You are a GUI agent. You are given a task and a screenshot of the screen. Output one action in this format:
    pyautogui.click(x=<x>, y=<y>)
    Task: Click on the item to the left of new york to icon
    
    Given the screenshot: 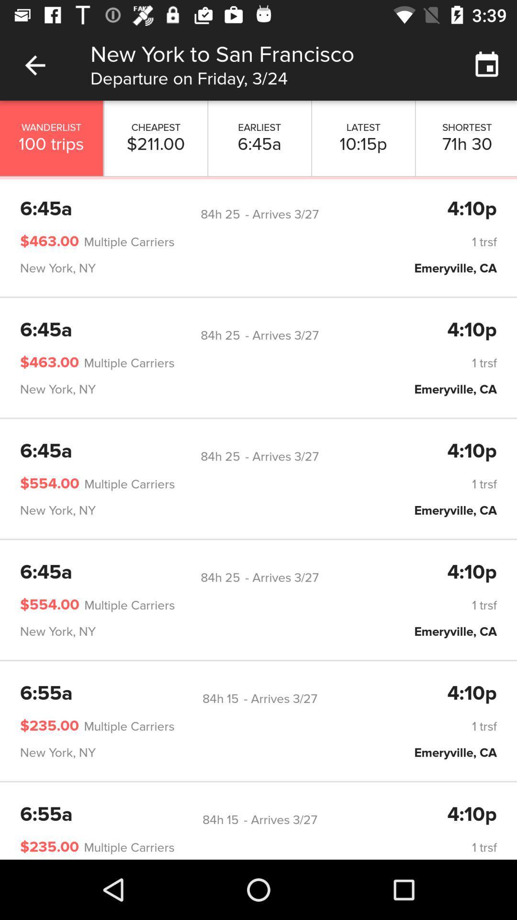 What is the action you would take?
    pyautogui.click(x=34, y=65)
    